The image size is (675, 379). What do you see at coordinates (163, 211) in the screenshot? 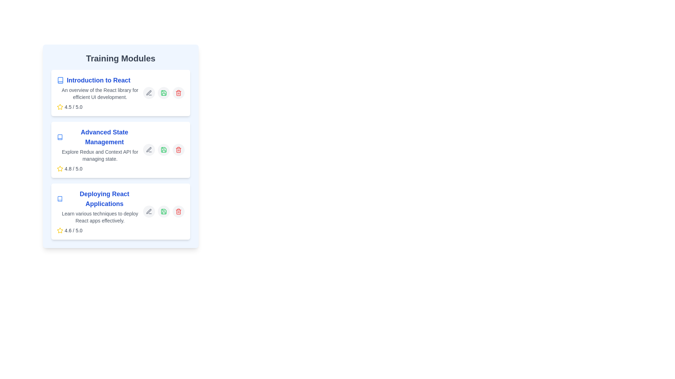
I see `the green save icon button located in the third row of the list layout, positioned to the right of the row's primary text` at bounding box center [163, 211].